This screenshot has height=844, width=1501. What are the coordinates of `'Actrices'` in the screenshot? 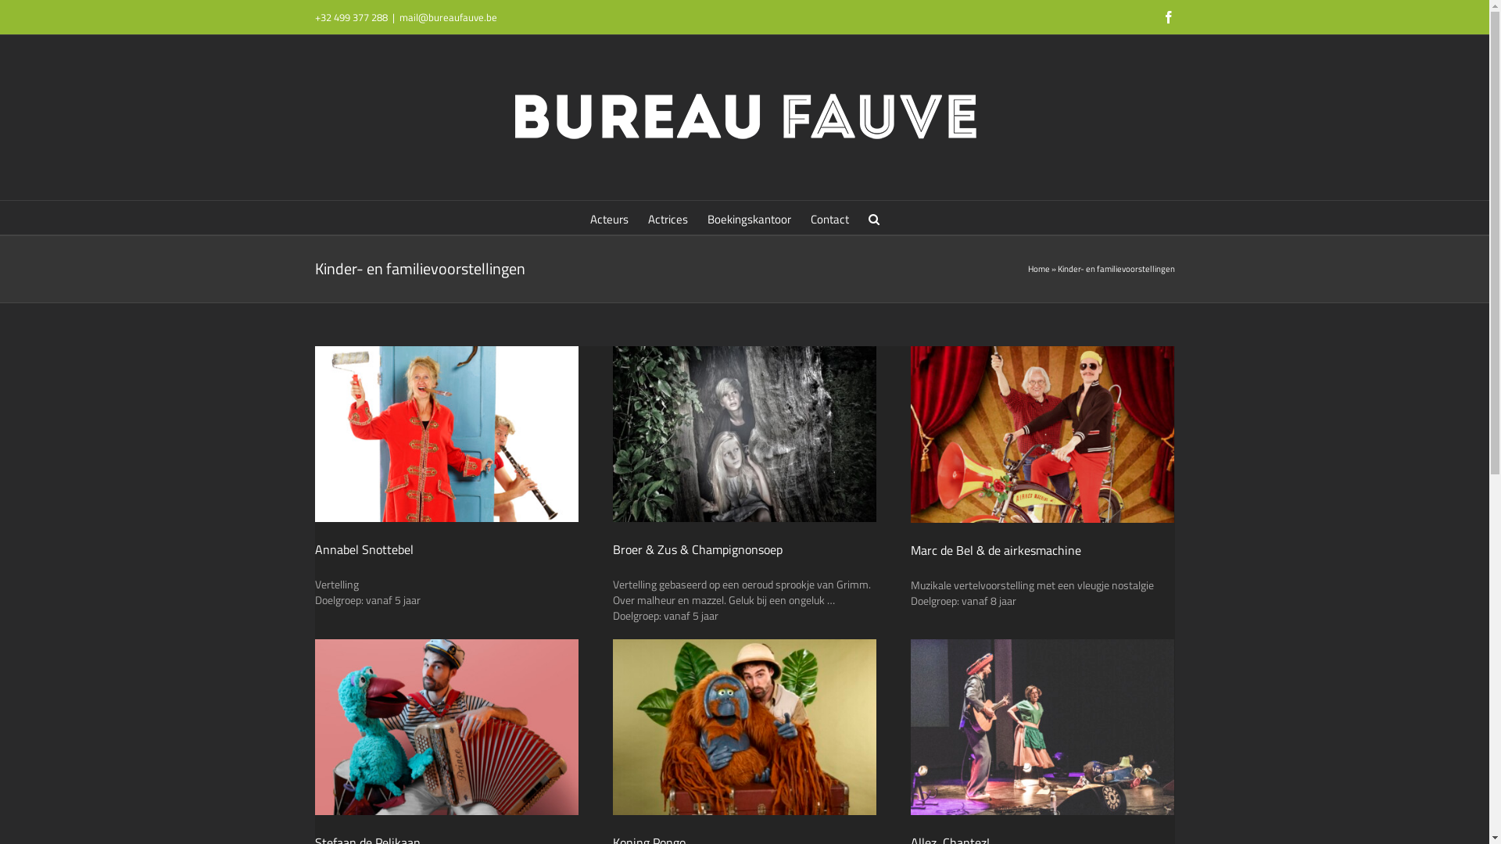 It's located at (668, 217).